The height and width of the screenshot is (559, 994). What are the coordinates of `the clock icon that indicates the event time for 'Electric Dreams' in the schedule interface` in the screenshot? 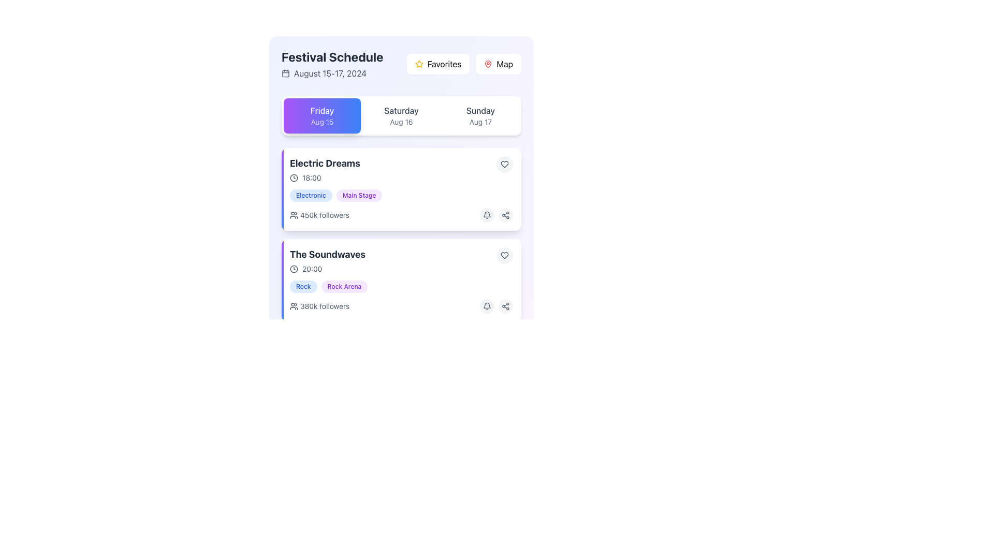 It's located at (293, 177).